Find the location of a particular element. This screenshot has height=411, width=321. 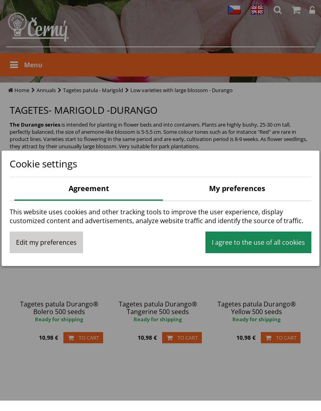

'The Durango series' is located at coordinates (10, 124).